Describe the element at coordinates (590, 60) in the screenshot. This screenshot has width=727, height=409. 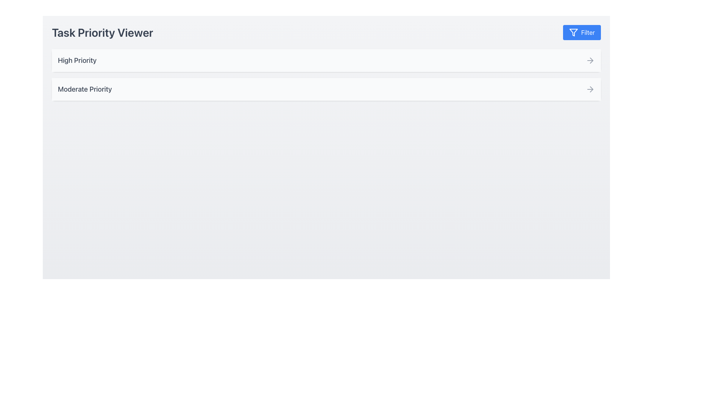
I see `the right-facing gray arrow icon that is located to the right of the 'High Priority' text label` at that location.